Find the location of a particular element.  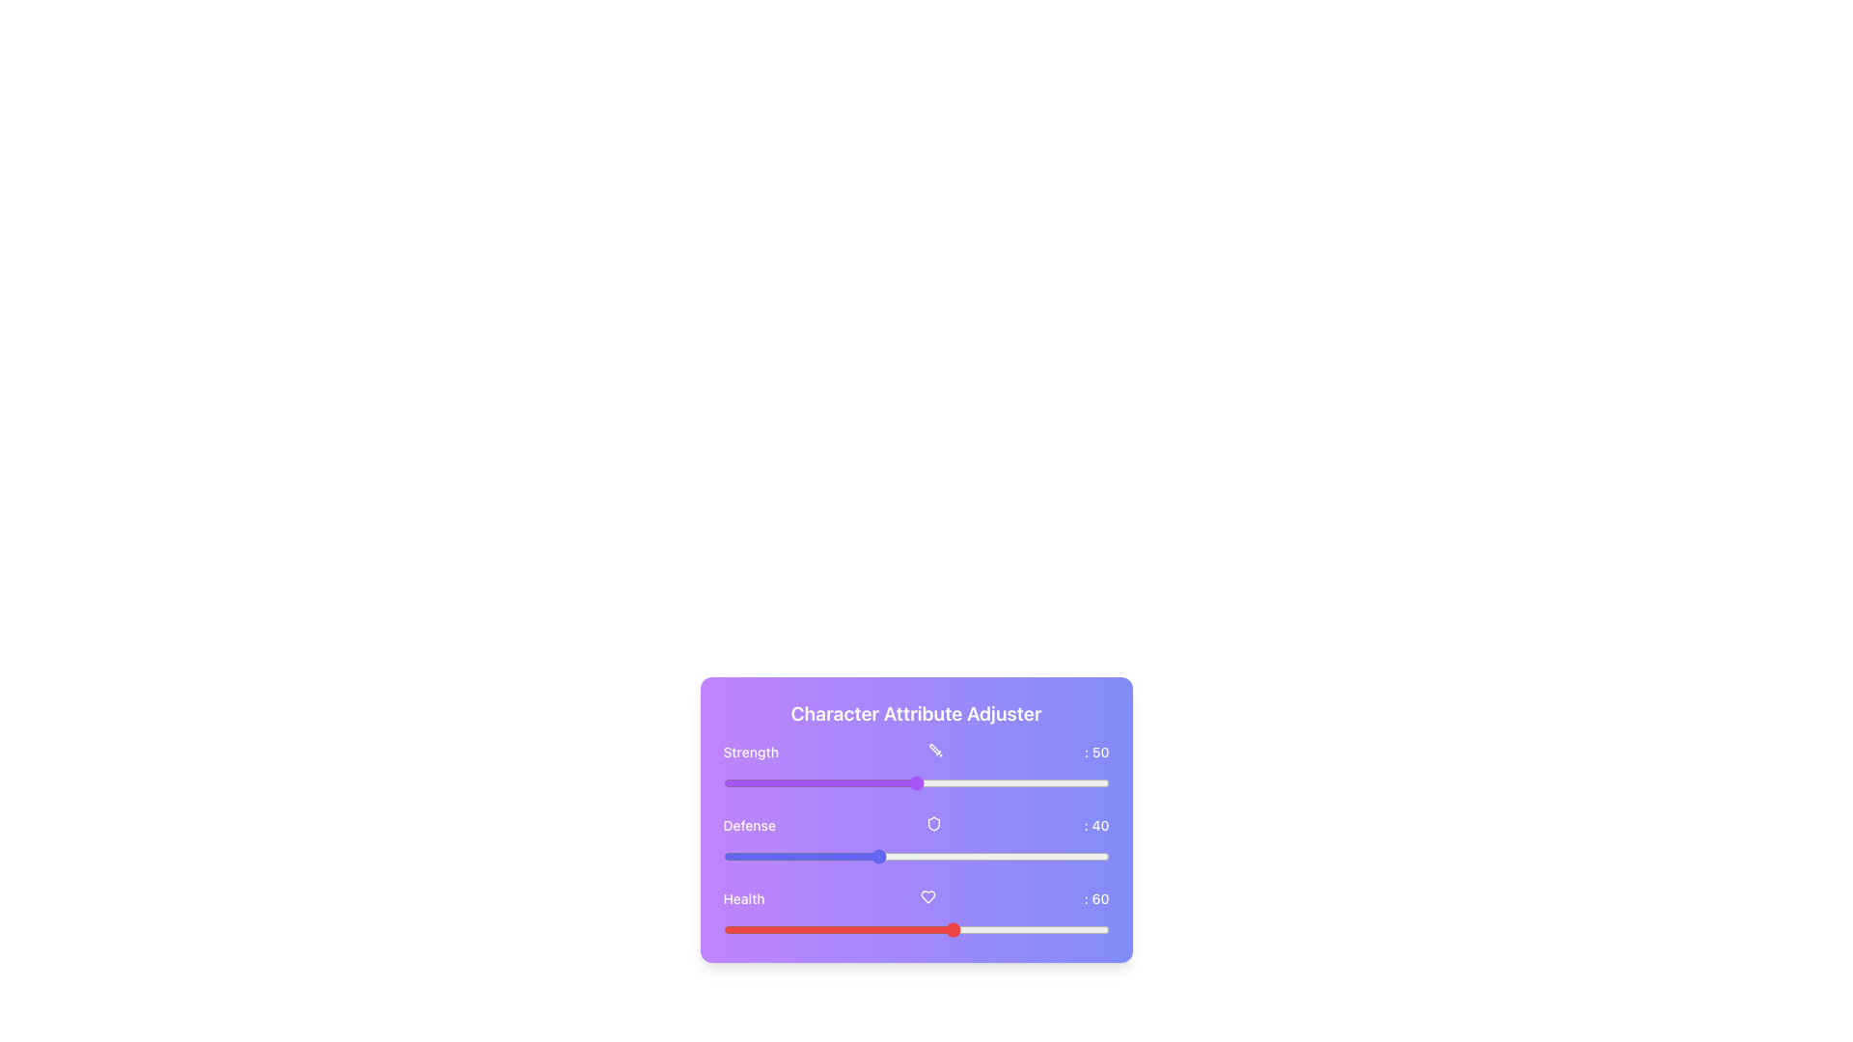

the Strength value is located at coordinates (974, 783).